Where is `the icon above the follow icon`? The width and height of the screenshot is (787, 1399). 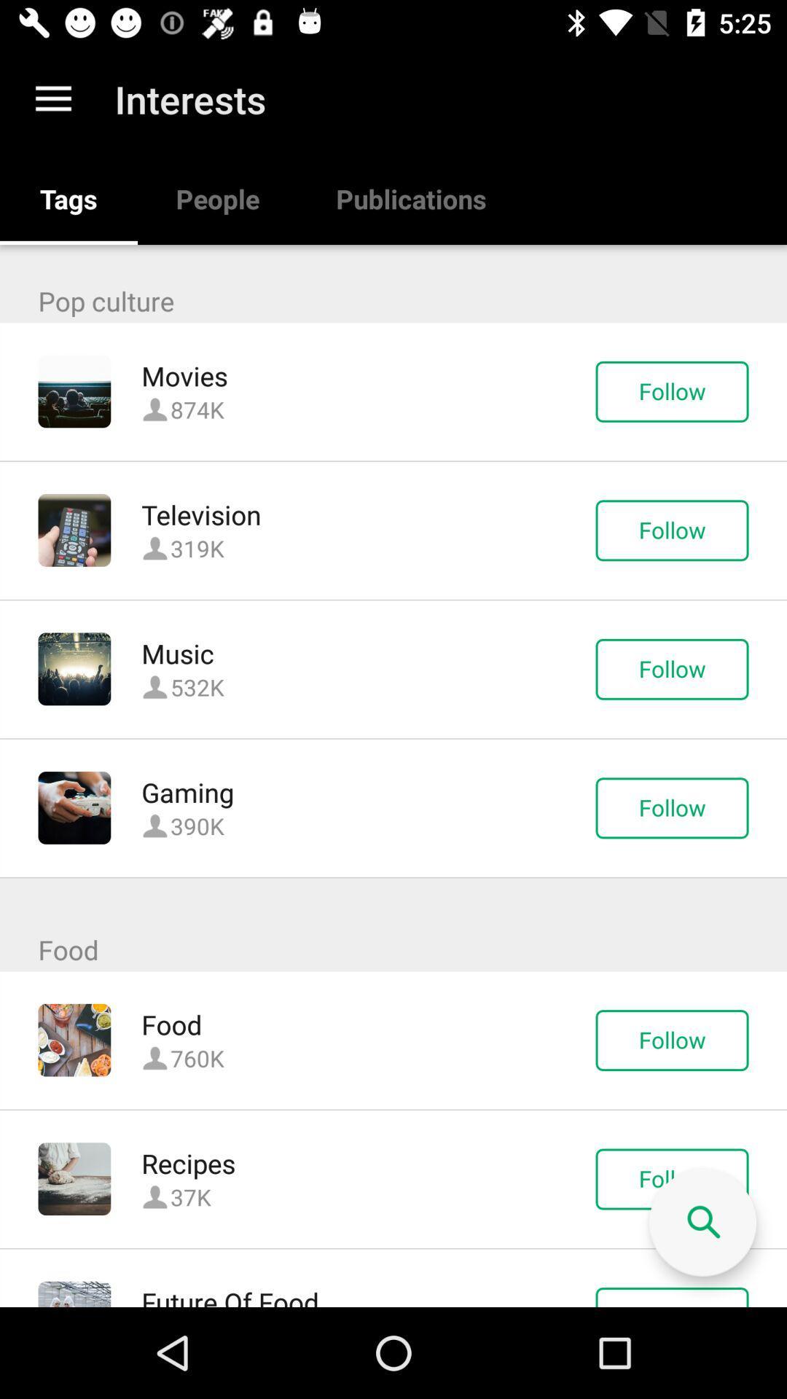
the icon above the follow icon is located at coordinates (702, 1223).